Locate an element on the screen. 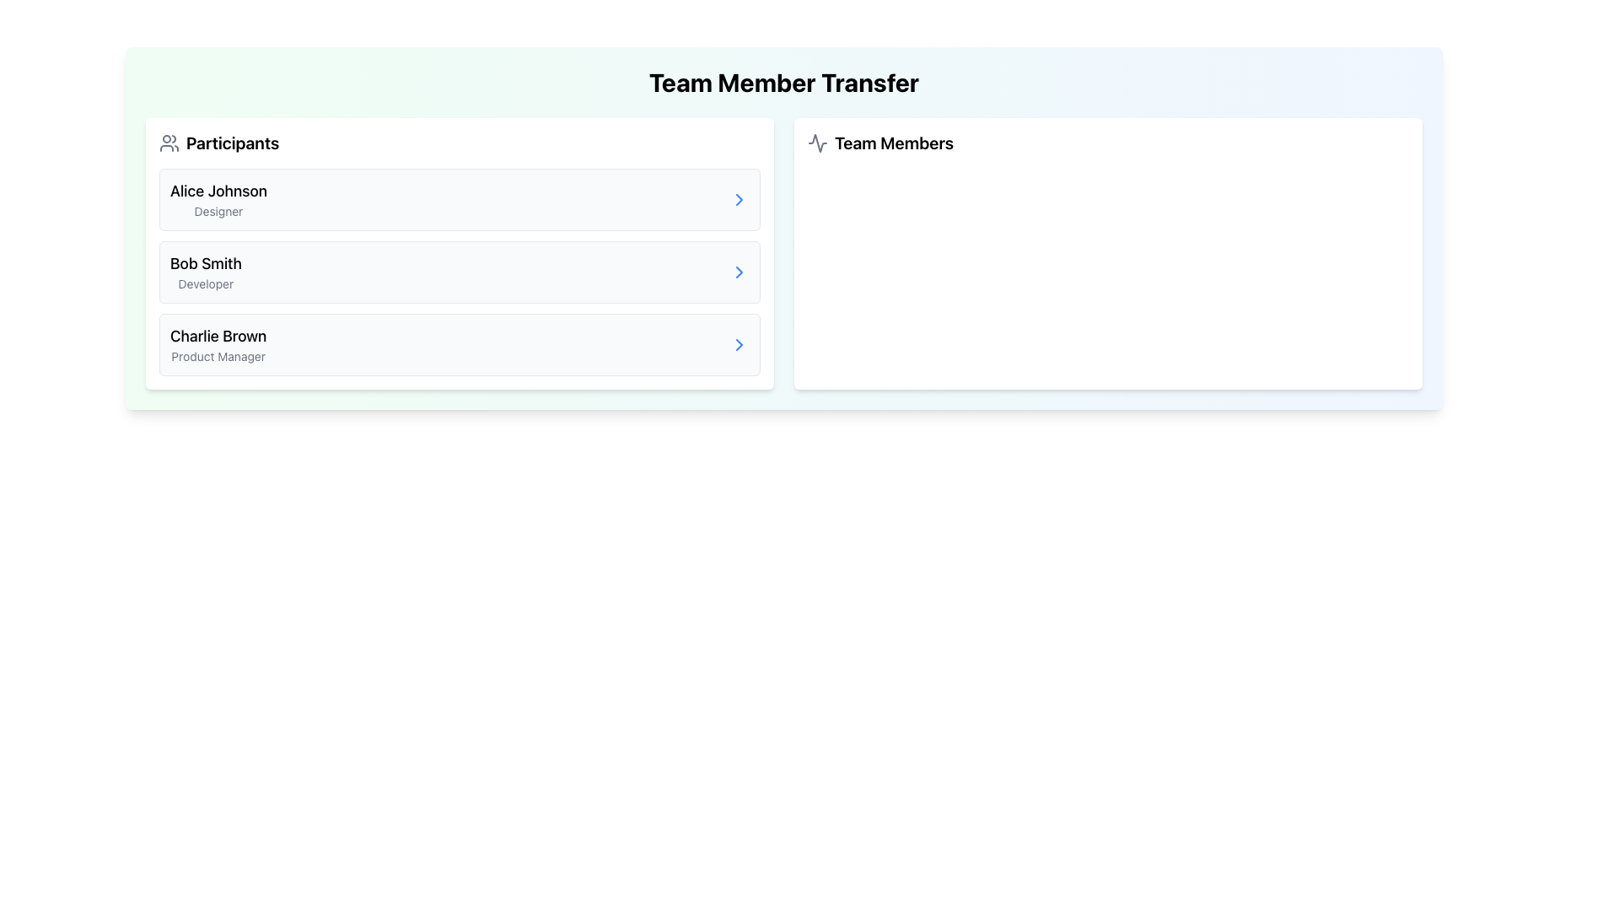 The image size is (1619, 911). the user group icon featuring stylized human figures, located to the left of the 'Participants' text in the 'Participants' card is located at coordinates (169, 142).